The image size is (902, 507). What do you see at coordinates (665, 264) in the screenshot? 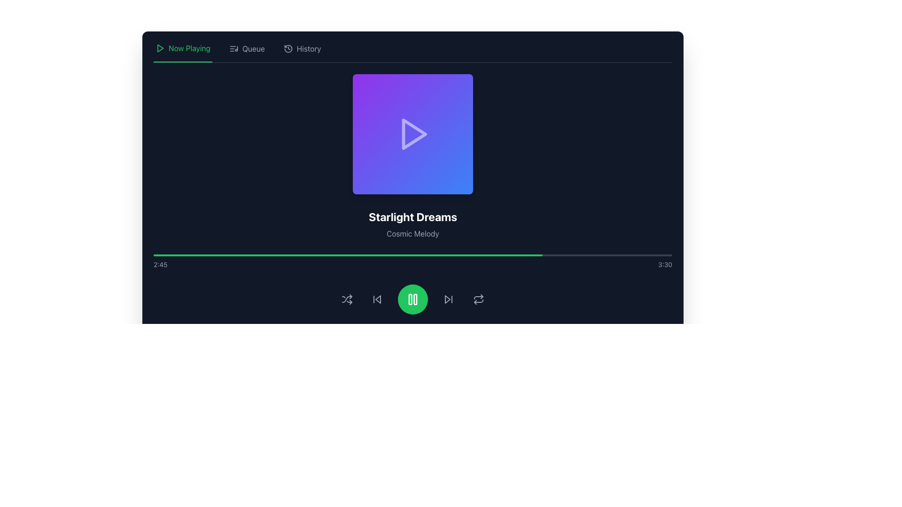
I see `the content of the Text Display that shows the total duration of the audio or video track, which is positioned at the far right of the progress bar display area` at bounding box center [665, 264].